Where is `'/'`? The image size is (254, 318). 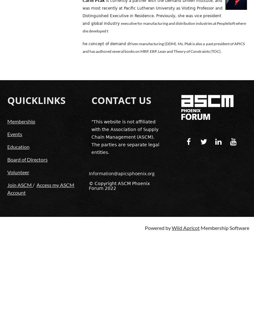
'/' is located at coordinates (34, 184).